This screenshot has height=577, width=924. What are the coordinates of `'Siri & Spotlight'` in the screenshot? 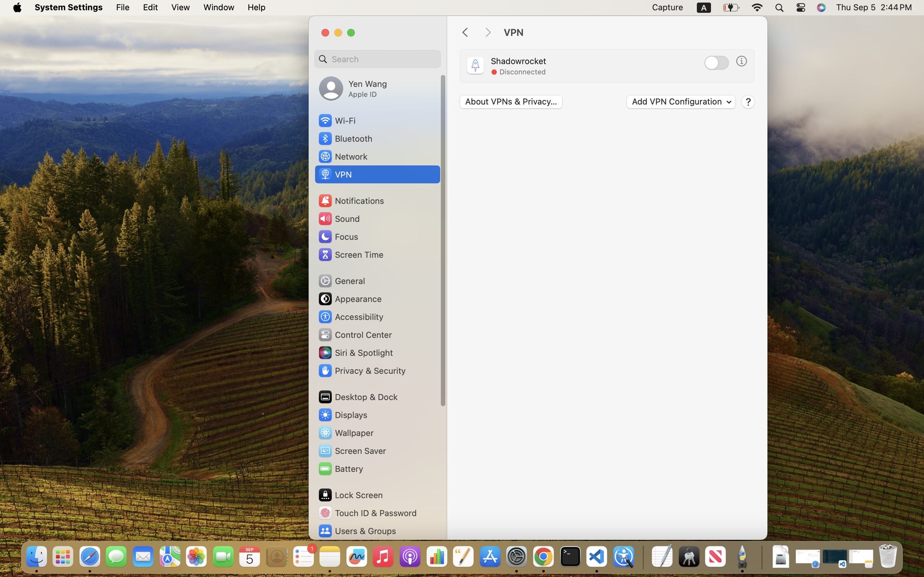 It's located at (355, 352).